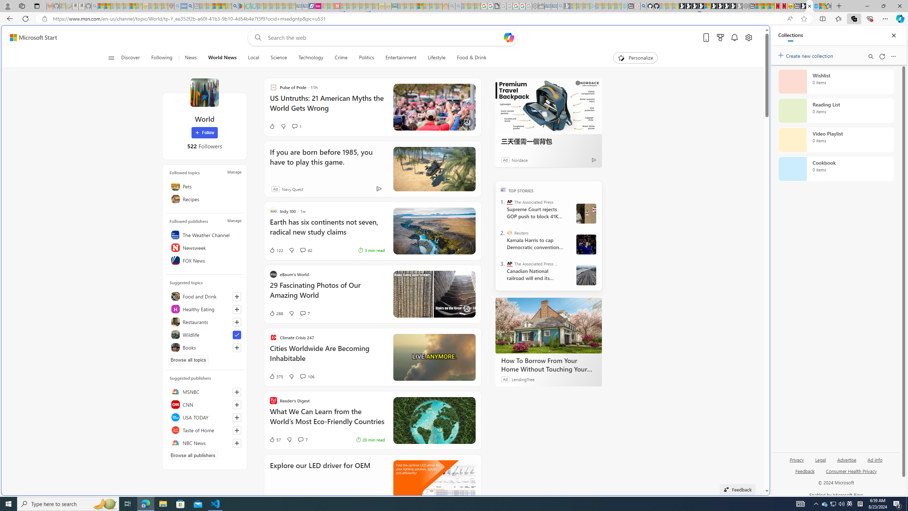  Describe the element at coordinates (643, 6) in the screenshot. I see `'github - Search'` at that location.